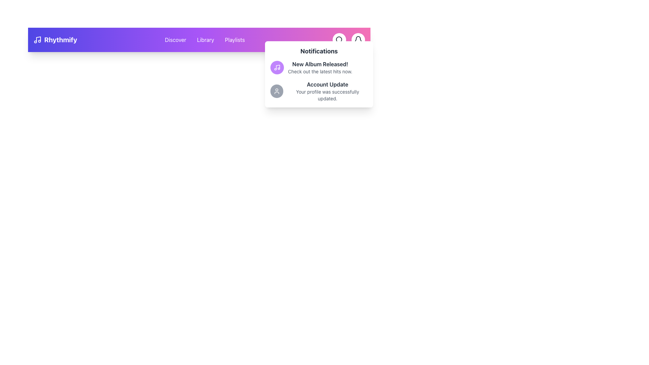 The image size is (649, 365). Describe the element at coordinates (277, 91) in the screenshot. I see `the circular icon with a gray background and a white outline of a user figure, located to the left of the 'Account Update' text in the notification card` at that location.